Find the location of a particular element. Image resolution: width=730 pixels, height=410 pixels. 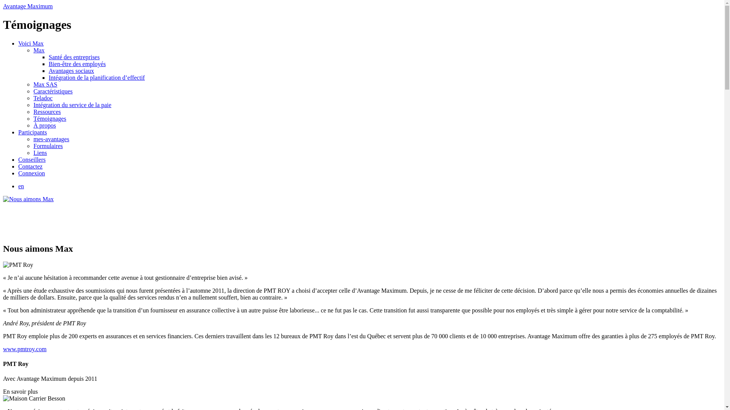

'Max SAS' is located at coordinates (45, 84).